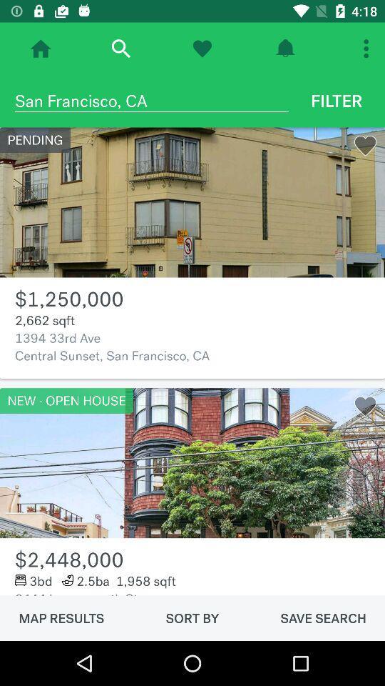 This screenshot has width=385, height=686. What do you see at coordinates (41, 49) in the screenshot?
I see `home` at bounding box center [41, 49].